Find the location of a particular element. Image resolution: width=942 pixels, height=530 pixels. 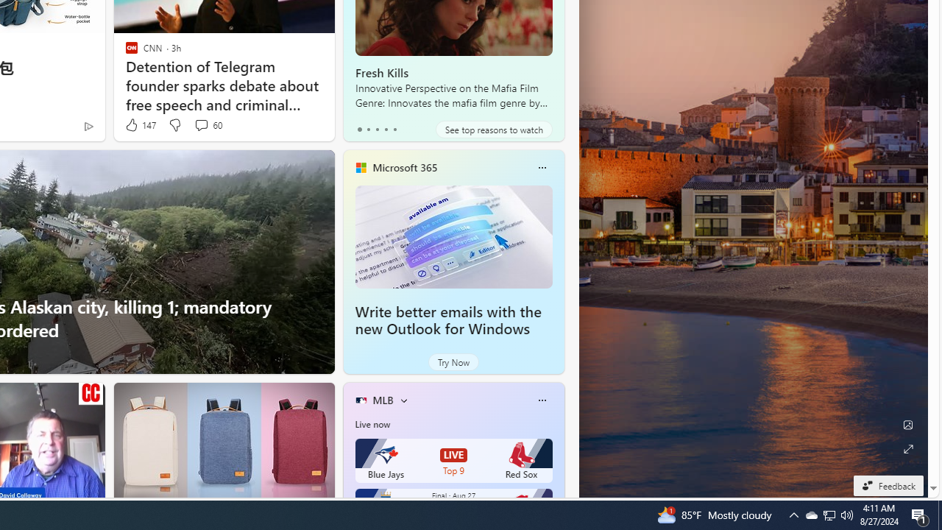

'Write better emails with the new Outlook for Windows' is located at coordinates (453, 236).